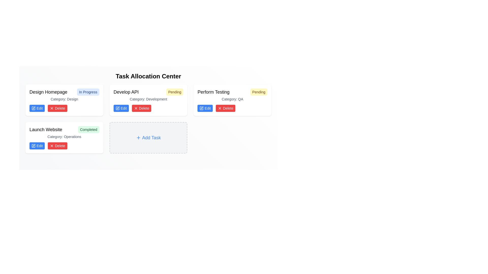  Describe the element at coordinates (33, 108) in the screenshot. I see `the pen icon within the 'Edit' button located under the 'Design Homepage' task card, which is to the left of the red 'Delete' button` at that location.